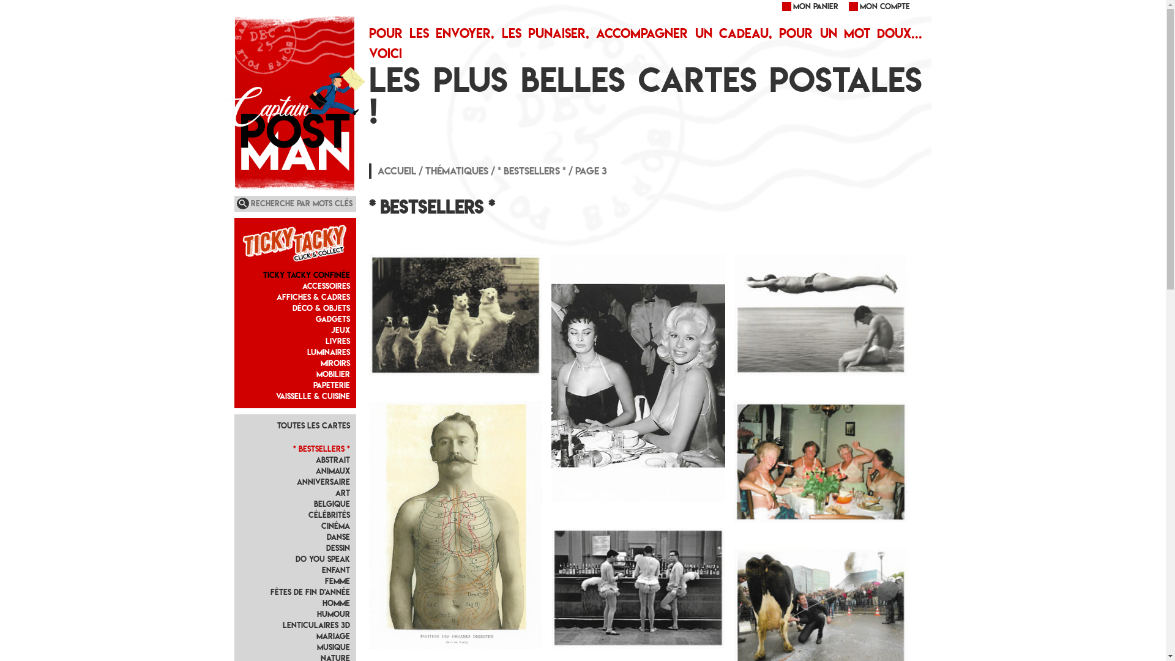 The height and width of the screenshot is (661, 1175). I want to click on '* BESTSELLERS *', so click(321, 449).